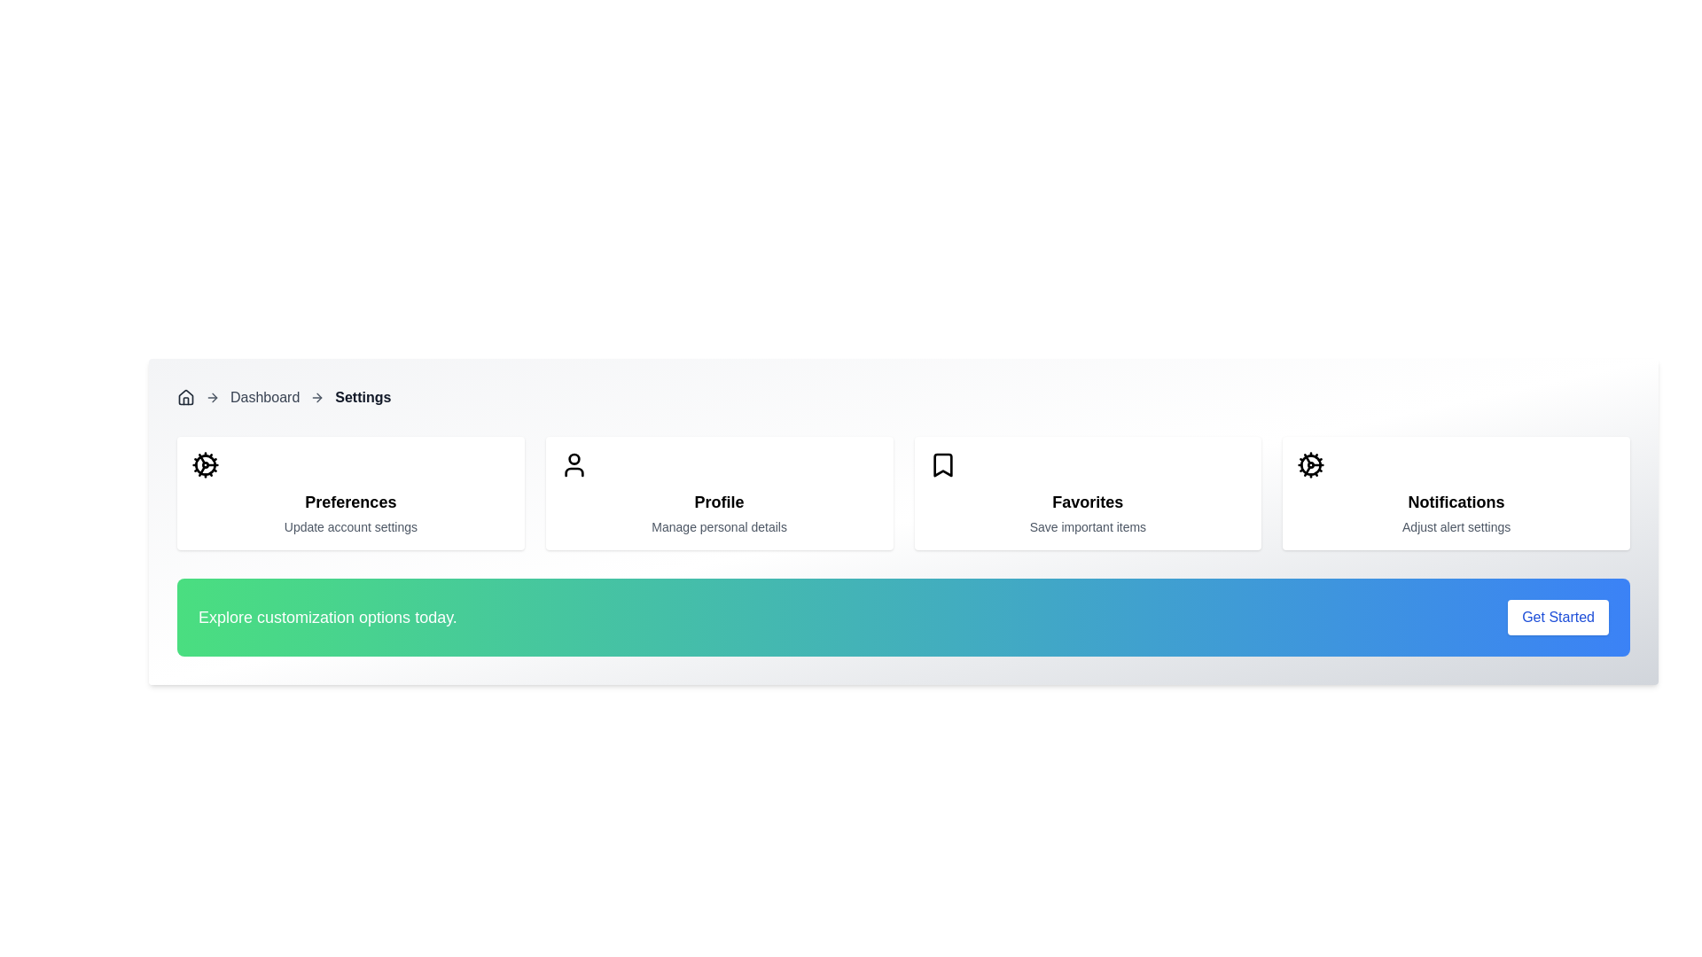  What do you see at coordinates (362, 396) in the screenshot?
I see `the 'Settings' bold text label in the breadcrumb navigation, which is displayed in dark gray or black color, indicating the current section` at bounding box center [362, 396].